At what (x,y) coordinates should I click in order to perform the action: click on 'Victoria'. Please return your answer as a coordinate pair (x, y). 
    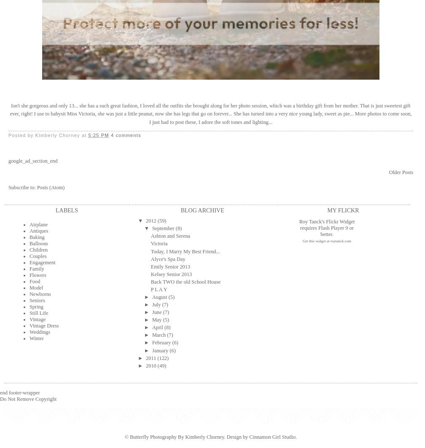
    Looking at the image, I should click on (159, 243).